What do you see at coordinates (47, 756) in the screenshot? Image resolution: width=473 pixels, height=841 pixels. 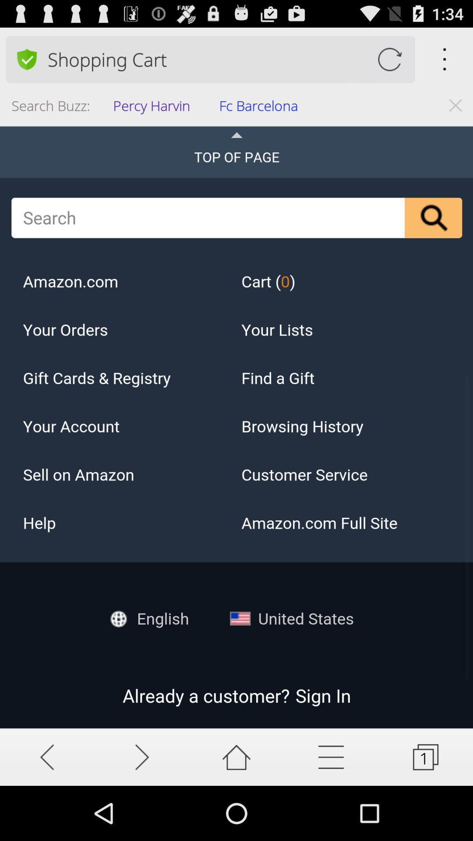 I see `go back` at bounding box center [47, 756].